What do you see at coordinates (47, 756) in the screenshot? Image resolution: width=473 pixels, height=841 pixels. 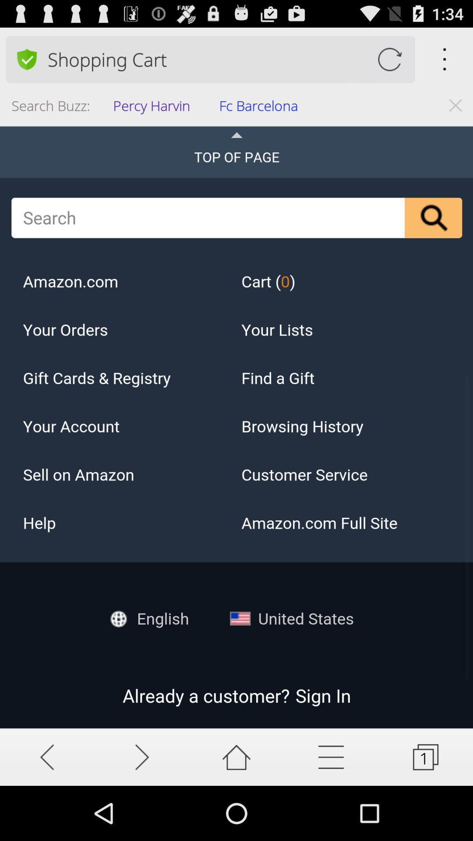 I see `go back` at bounding box center [47, 756].